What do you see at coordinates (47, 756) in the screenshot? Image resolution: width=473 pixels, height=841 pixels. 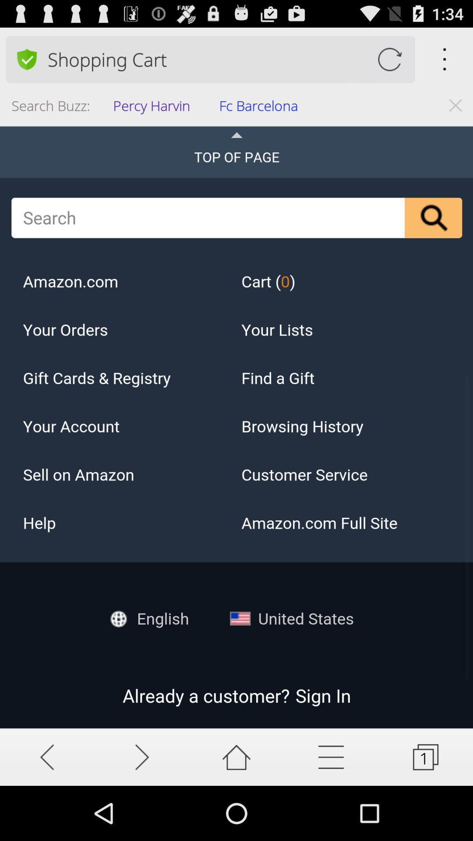 I see `go back` at bounding box center [47, 756].